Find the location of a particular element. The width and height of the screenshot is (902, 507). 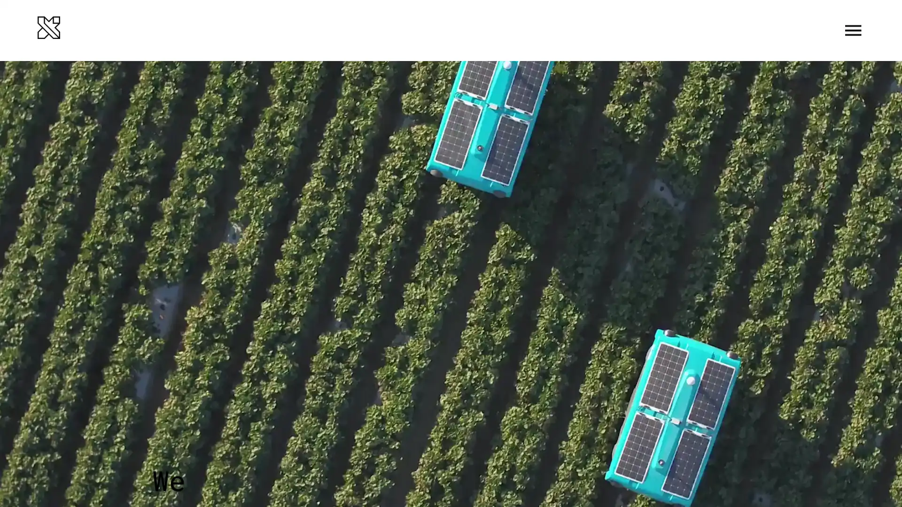

Helping out after disasters After devastating floods in Peru and Hurricane Maria in Puerto Rico, Project Loon flies in to provide basic connectivity and help people get access to vital information and basic communication tools. is located at coordinates (476, 256).